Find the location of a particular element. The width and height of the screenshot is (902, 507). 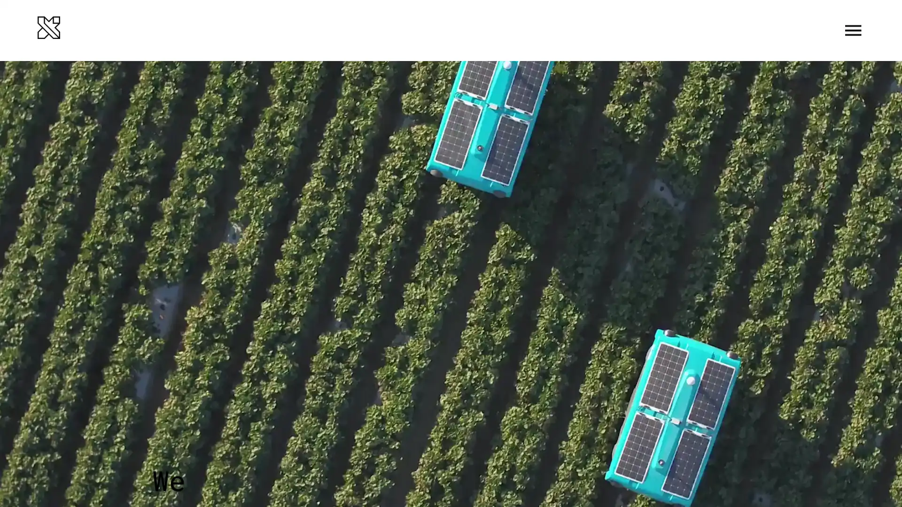

Helping out after disasters After devastating floods in Peru and Hurricane Maria in Puerto Rico, Project Loon flies in to provide basic connectivity and help people get access to vital information and basic communication tools. is located at coordinates (476, 256).